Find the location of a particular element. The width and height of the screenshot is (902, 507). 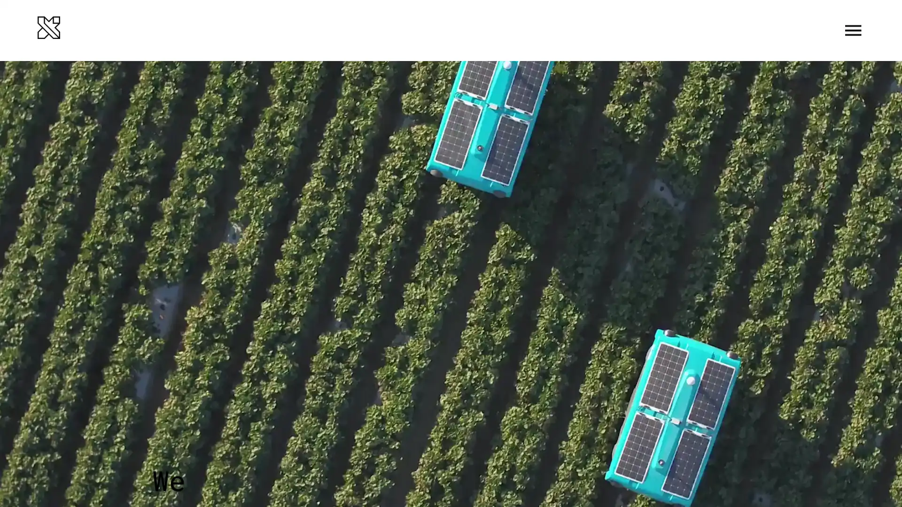

Helping out after disasters After devastating floods in Peru and Hurricane Maria in Puerto Rico, Project Loon flies in to provide basic connectivity and help people get access to vital information and basic communication tools. is located at coordinates (476, 256).